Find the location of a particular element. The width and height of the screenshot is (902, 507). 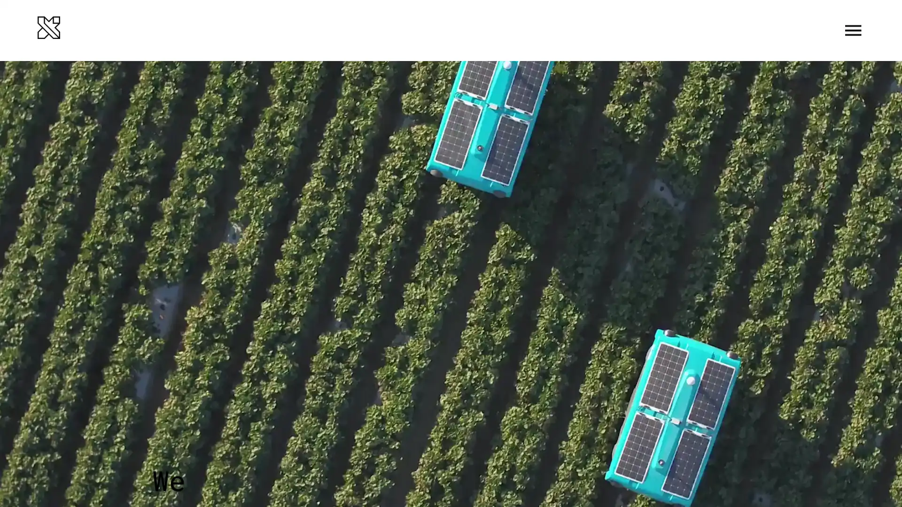

Helping out after disasters After devastating floods in Peru and Hurricane Maria in Puerto Rico, Project Loon flies in to provide basic connectivity and help people get access to vital information and basic communication tools. is located at coordinates (476, 256).